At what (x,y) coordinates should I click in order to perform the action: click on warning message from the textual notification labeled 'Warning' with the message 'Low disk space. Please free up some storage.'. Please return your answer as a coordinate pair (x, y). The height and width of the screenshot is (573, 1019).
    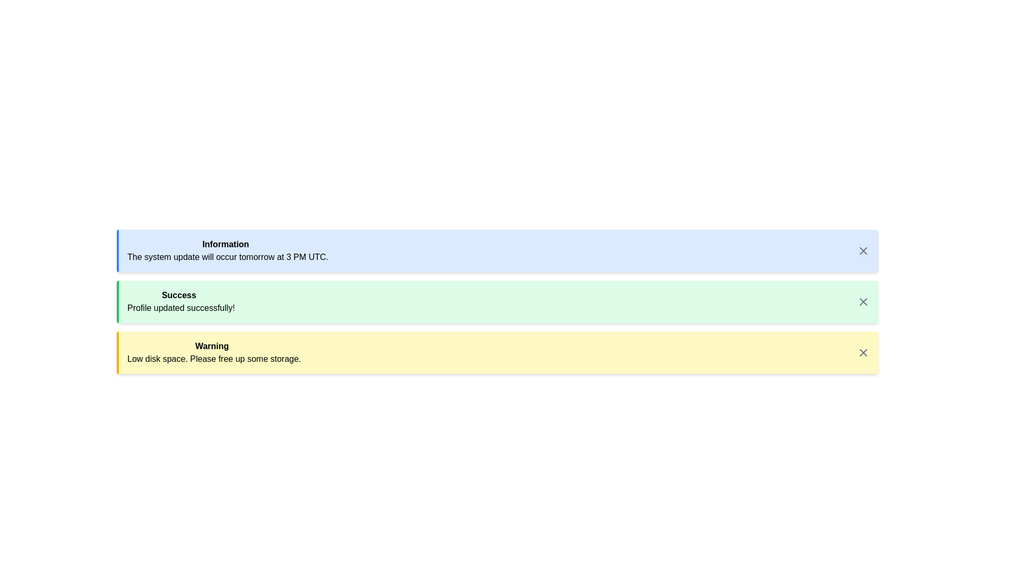
    Looking at the image, I should click on (213, 352).